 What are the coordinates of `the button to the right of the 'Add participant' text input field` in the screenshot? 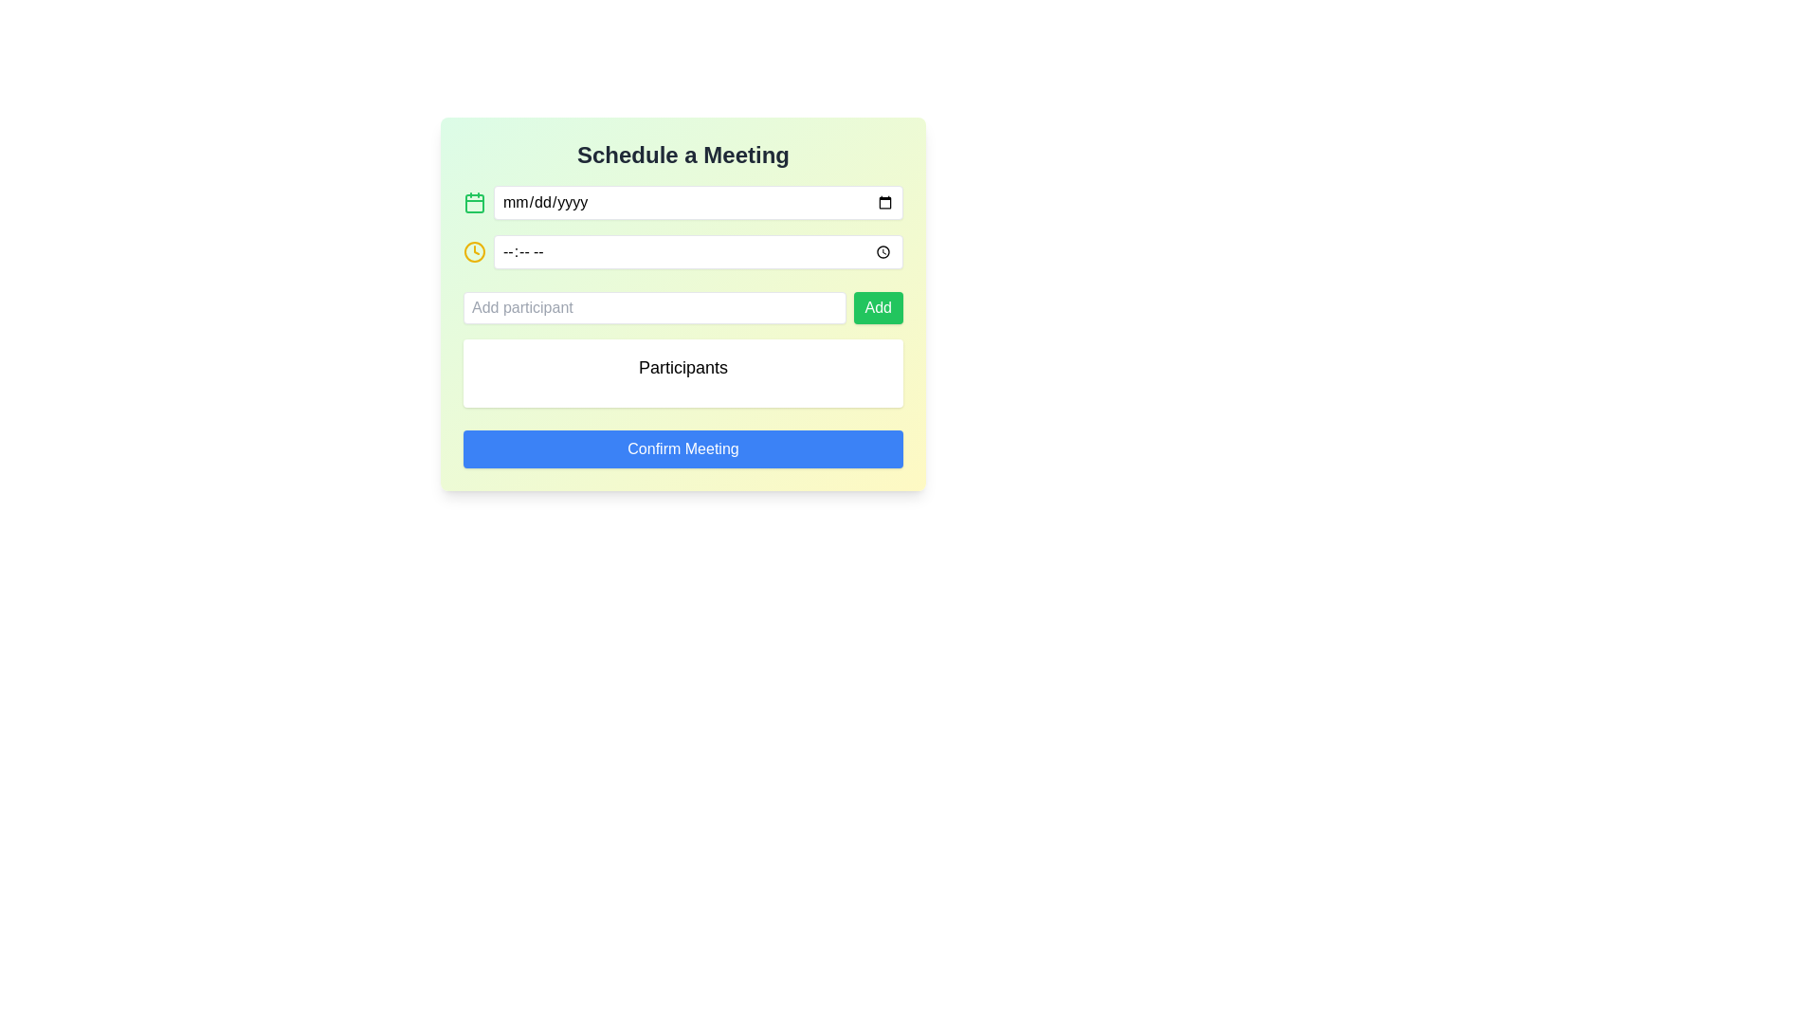 It's located at (877, 306).